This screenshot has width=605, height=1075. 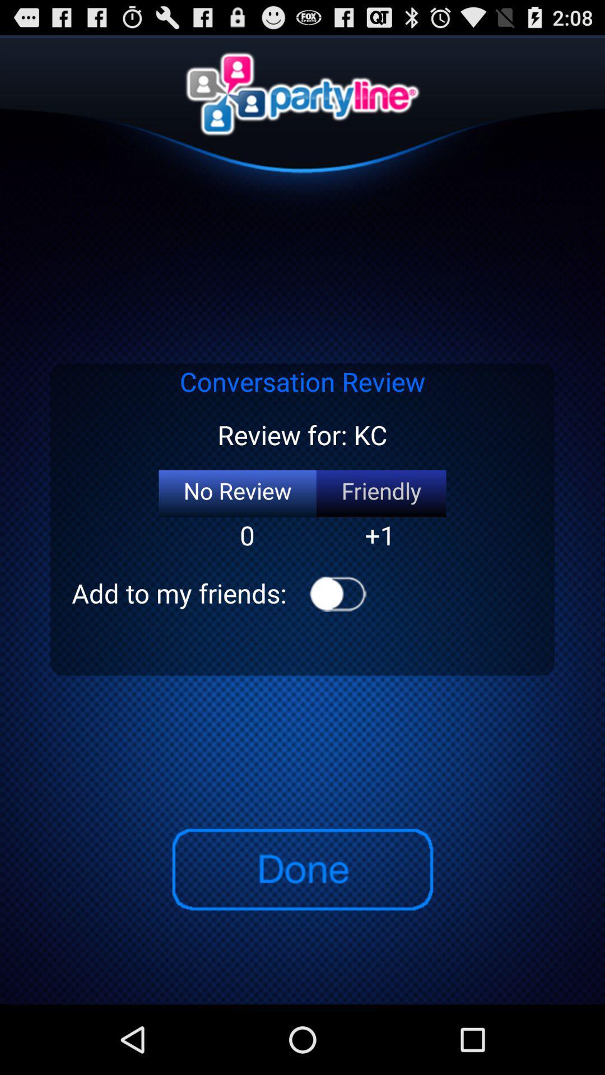 I want to click on the icon next to the friendly icon, so click(x=237, y=493).